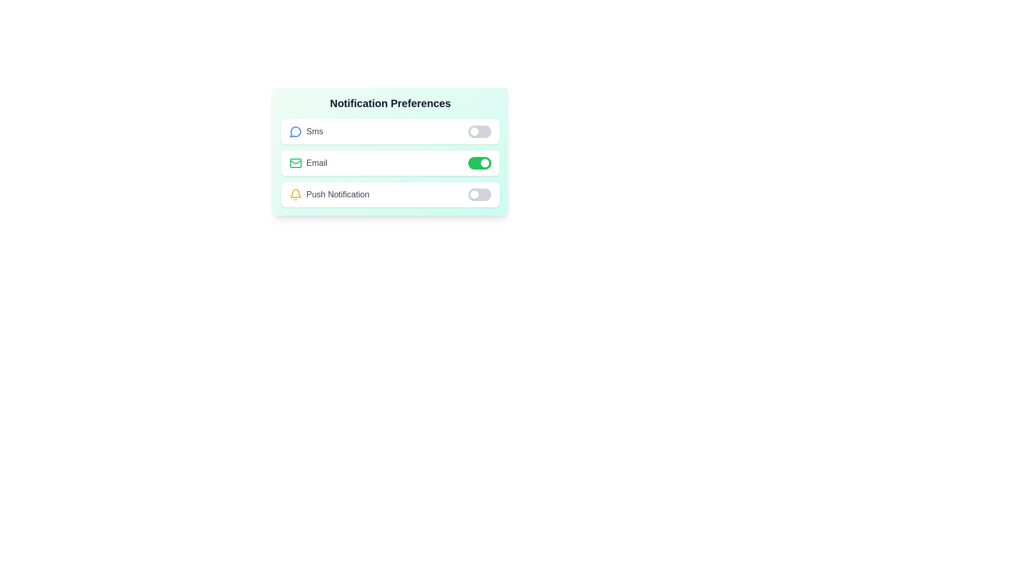 Image resolution: width=1009 pixels, height=567 pixels. Describe the element at coordinates (479, 163) in the screenshot. I see `the toggle switch for email notifications located in the 'Notification Preferences' section, positioned to the right of the label and icon` at that location.